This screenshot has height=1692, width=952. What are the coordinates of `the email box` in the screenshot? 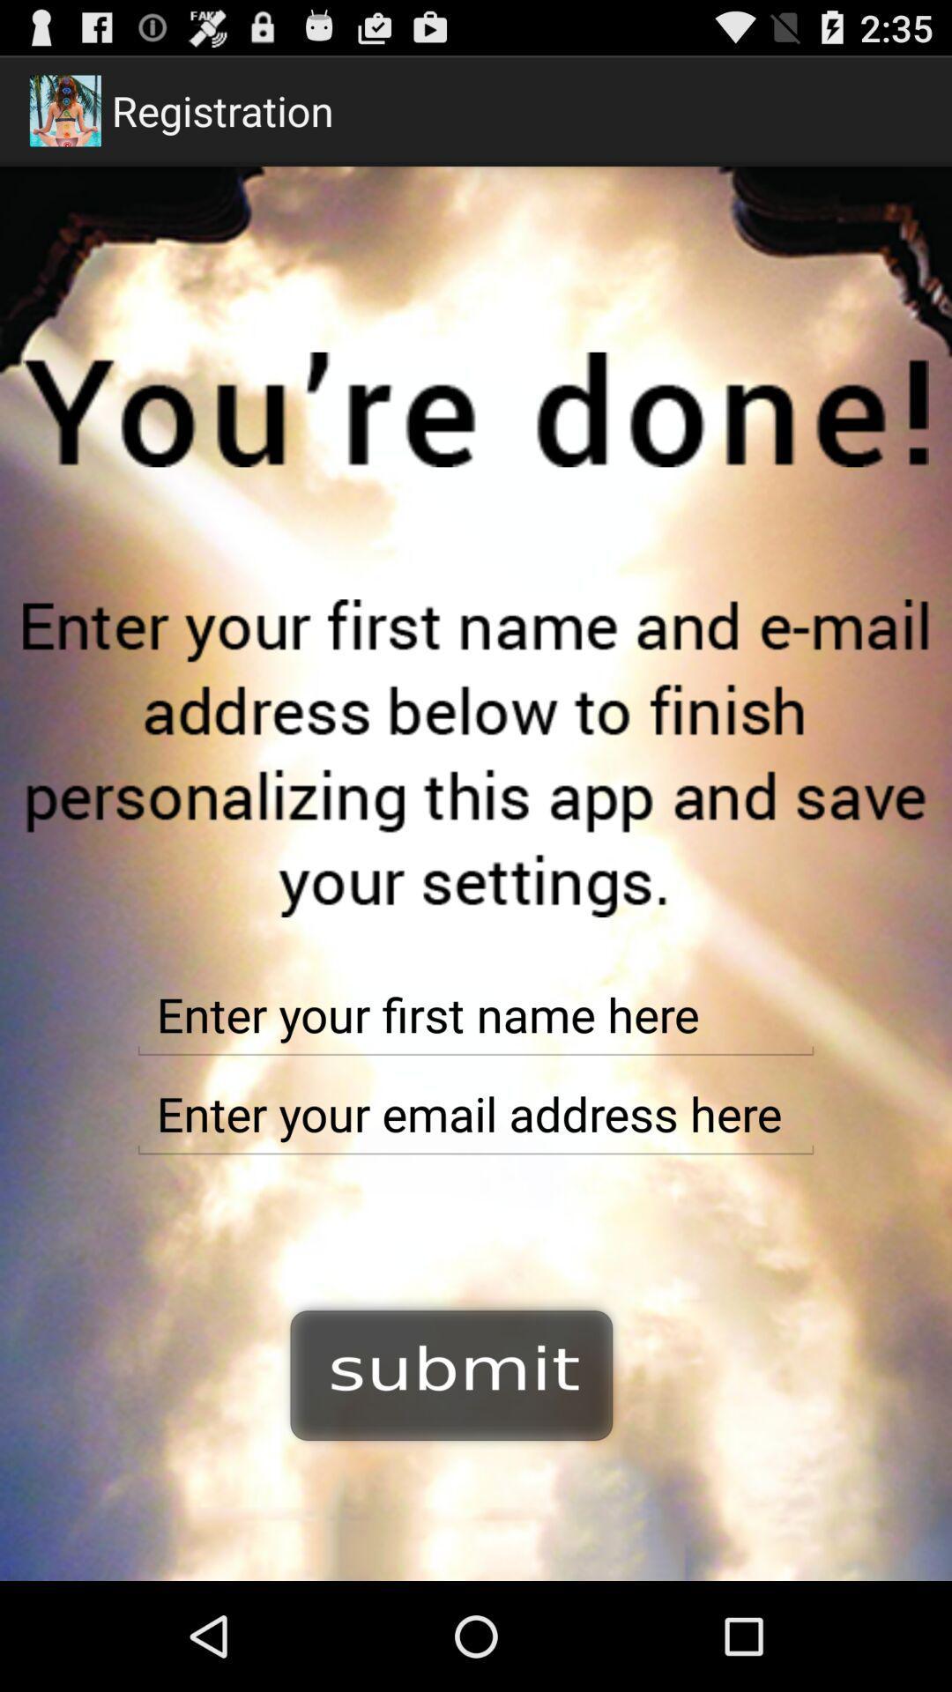 It's located at (476, 1113).